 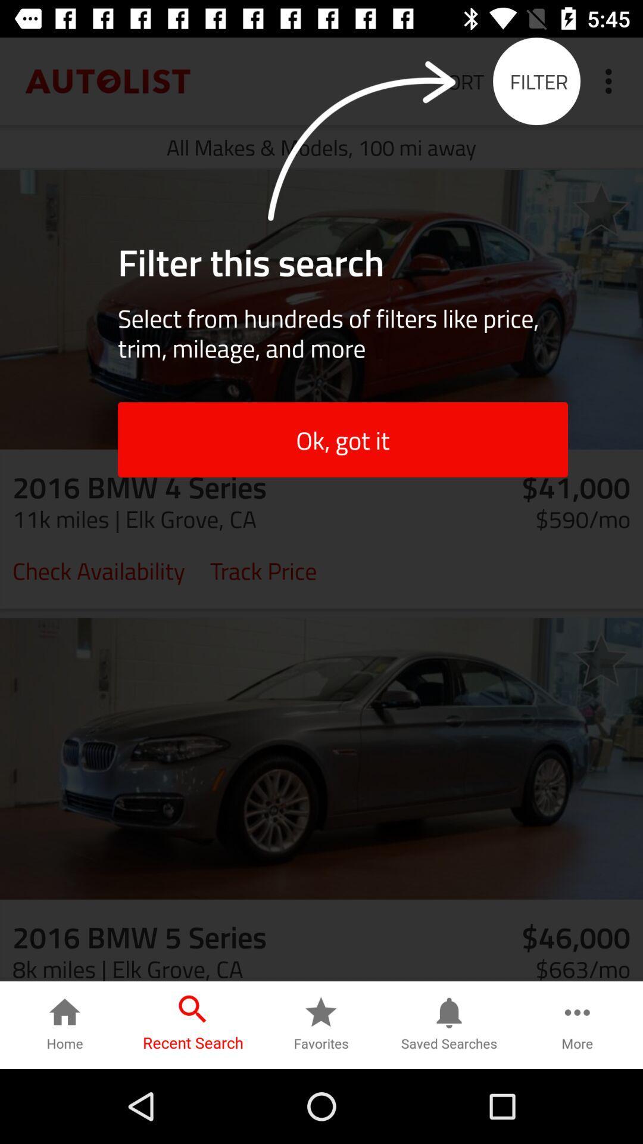 What do you see at coordinates (601, 209) in the screenshot?
I see `item above the select from hundreds icon` at bounding box center [601, 209].